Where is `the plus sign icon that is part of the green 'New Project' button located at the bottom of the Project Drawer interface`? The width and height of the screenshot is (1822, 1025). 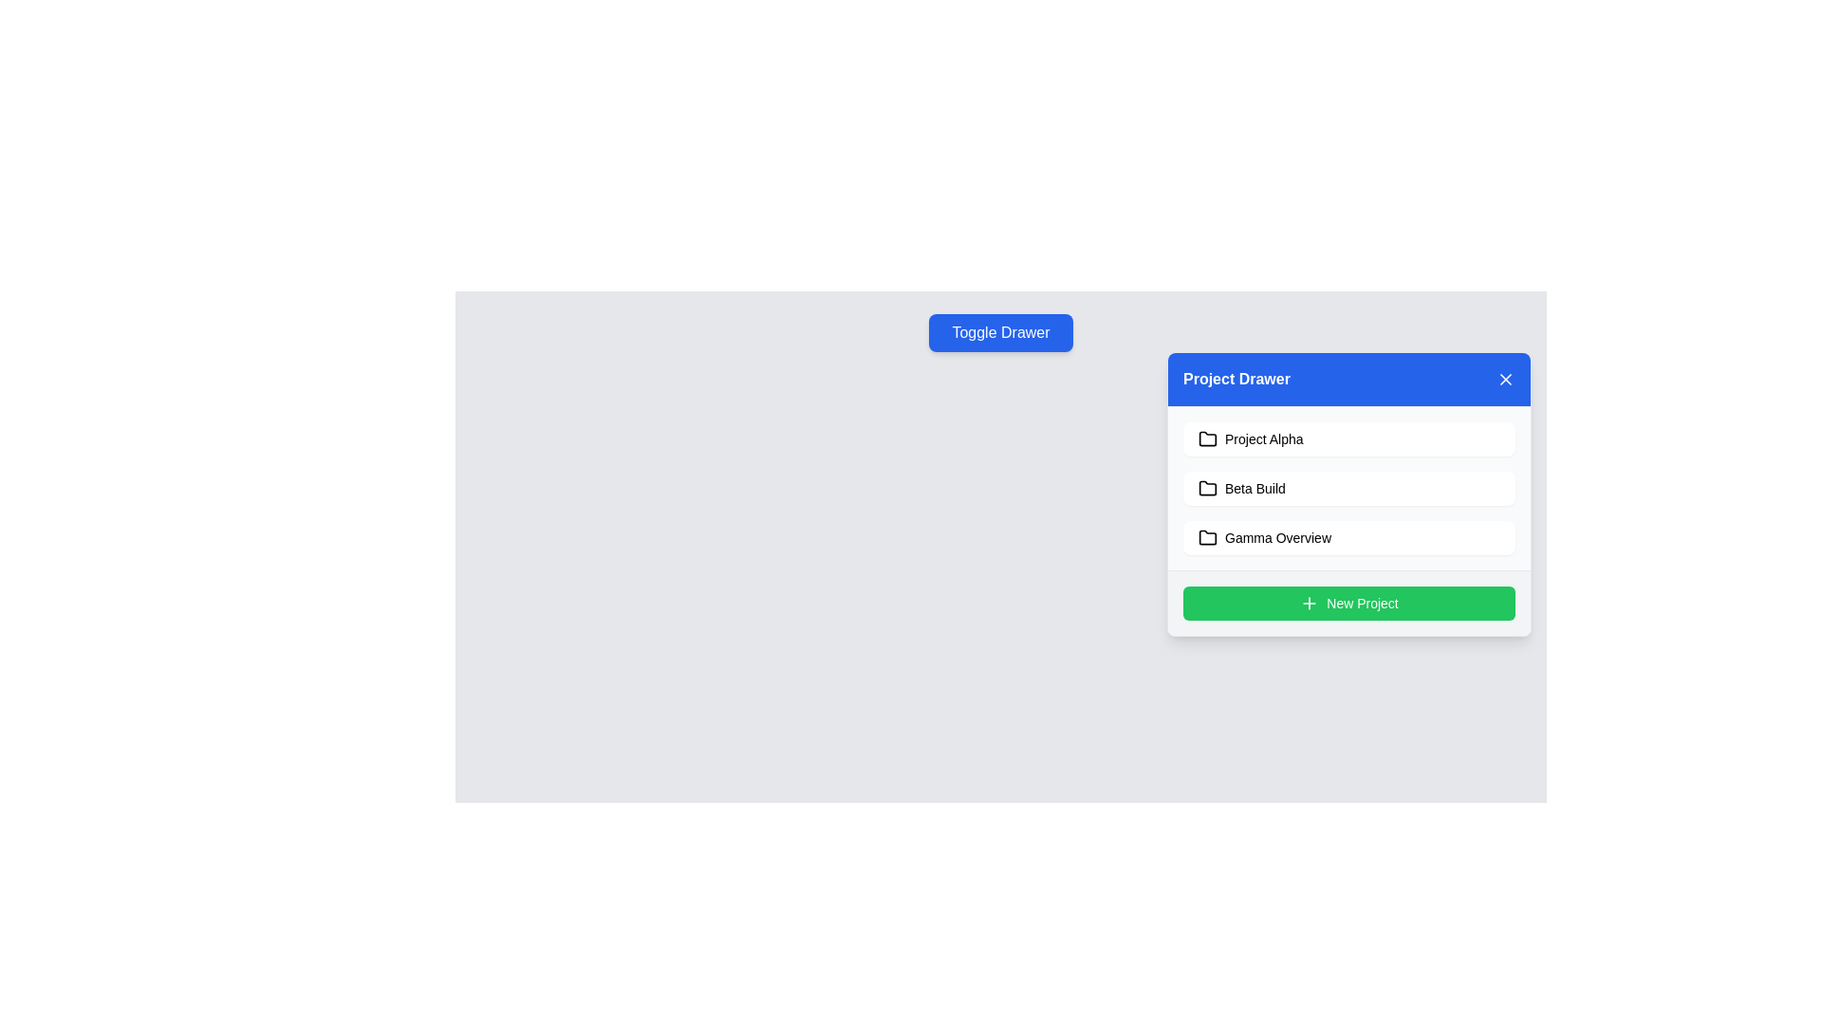 the plus sign icon that is part of the green 'New Project' button located at the bottom of the Project Drawer interface is located at coordinates (1309, 604).